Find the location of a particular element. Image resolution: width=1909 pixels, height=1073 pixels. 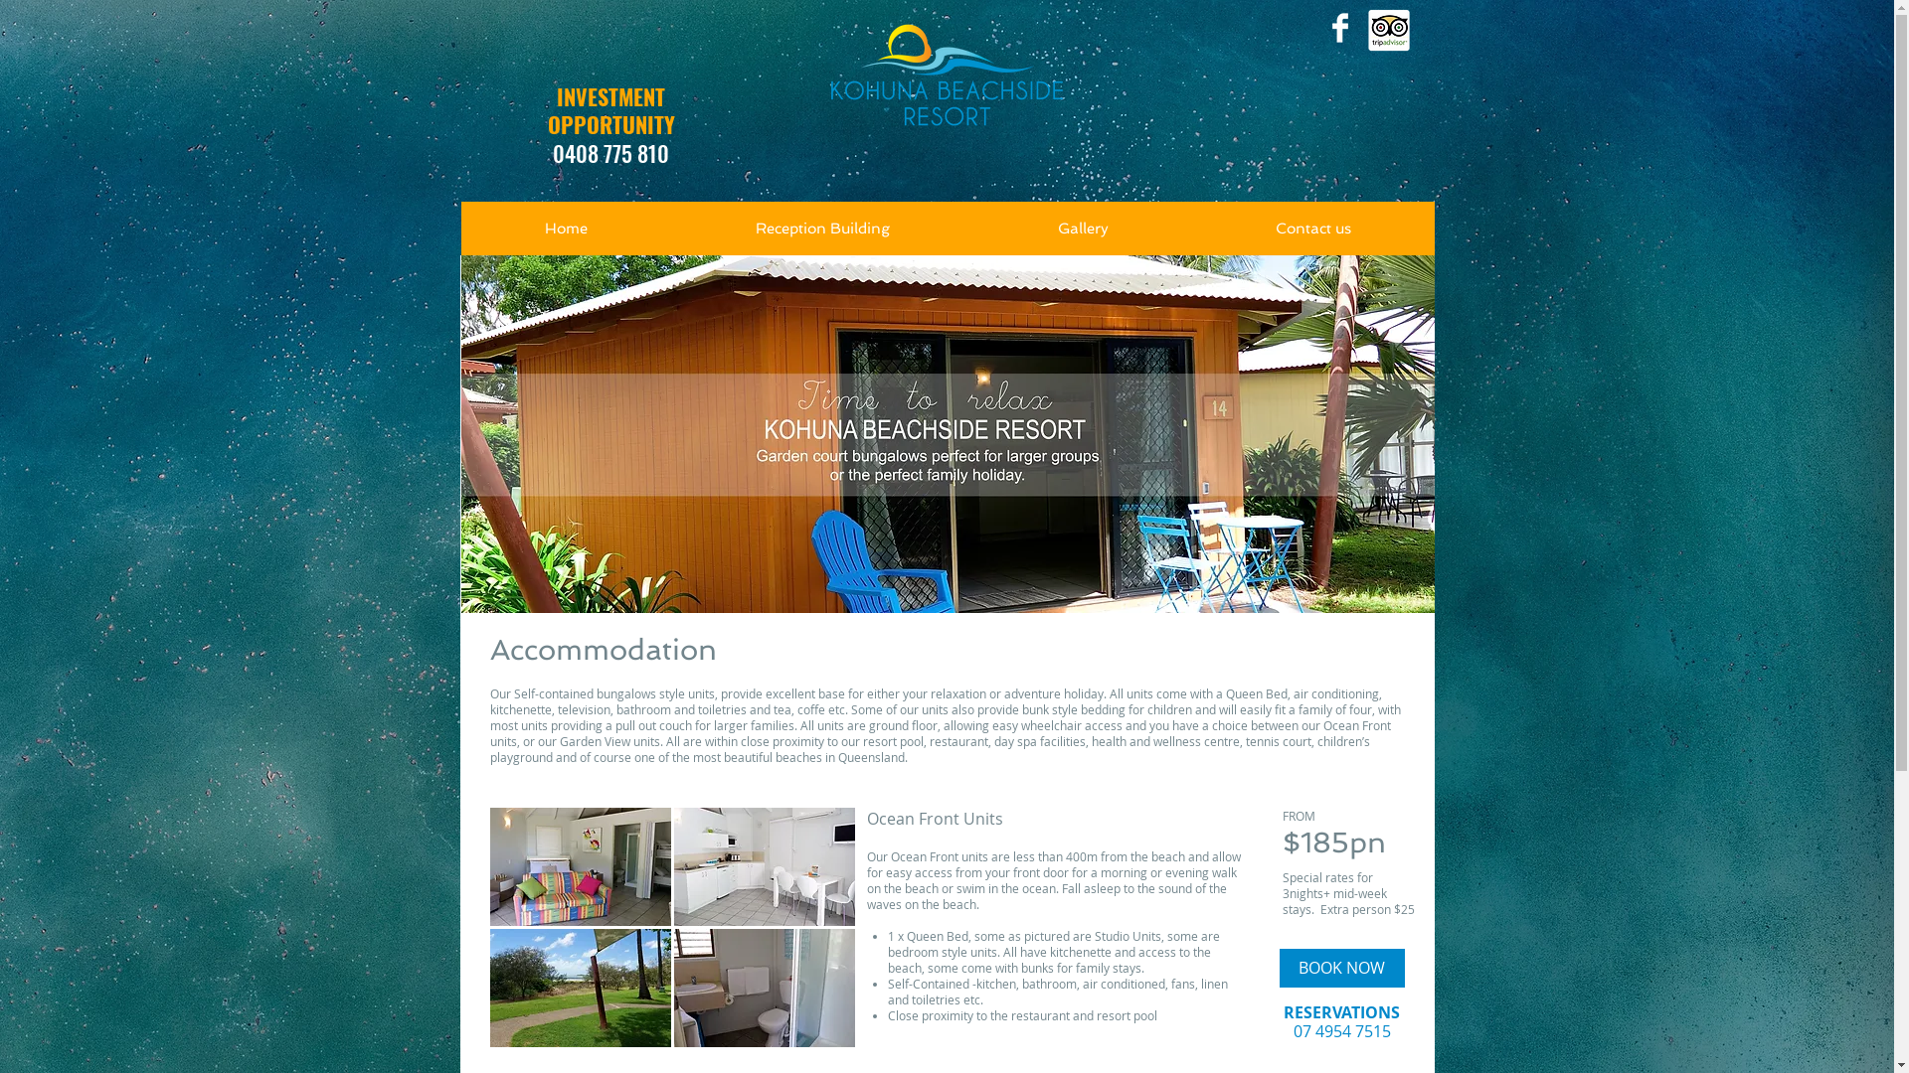

'Gallery' is located at coordinates (1082, 233).